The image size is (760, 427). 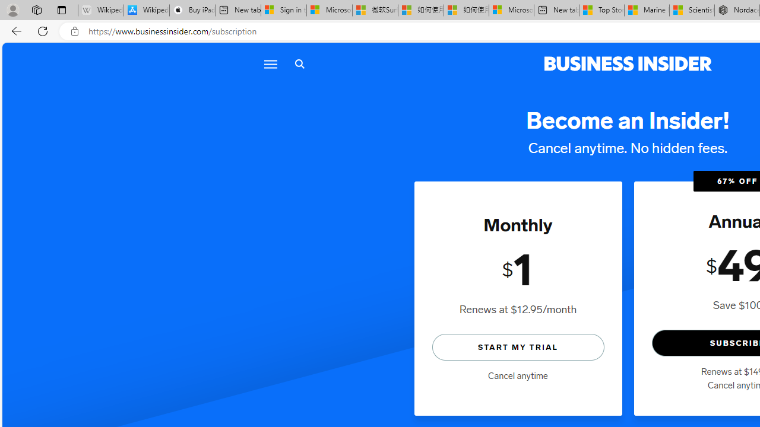 What do you see at coordinates (269, 64) in the screenshot?
I see `'Menu'` at bounding box center [269, 64].